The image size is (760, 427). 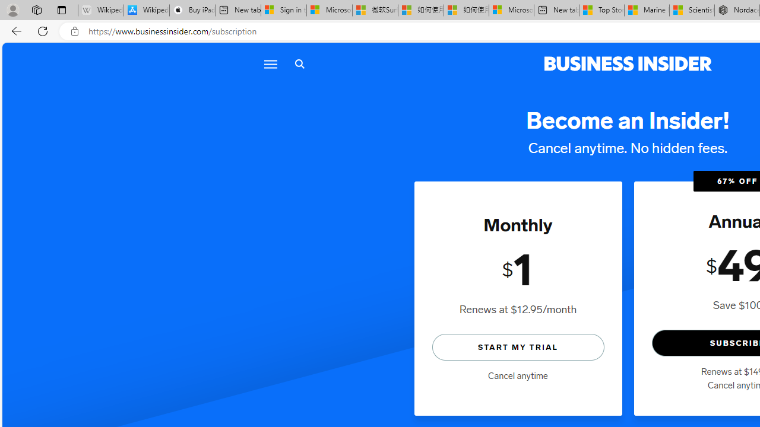 What do you see at coordinates (269, 64) in the screenshot?
I see `'Menu'` at bounding box center [269, 64].